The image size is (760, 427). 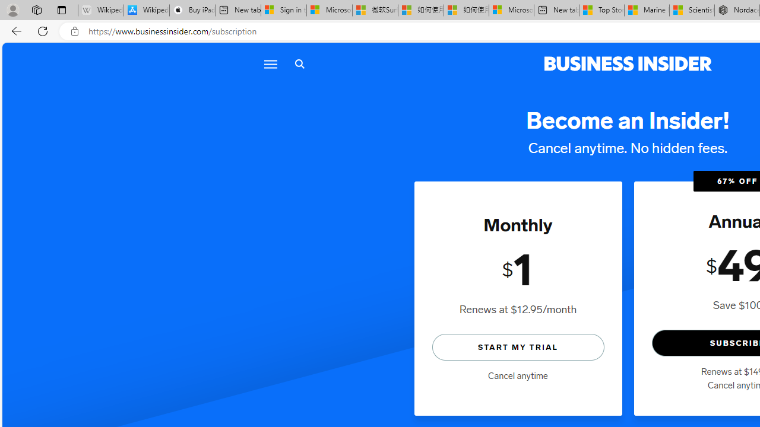 What do you see at coordinates (269, 64) in the screenshot?
I see `'Menu'` at bounding box center [269, 64].